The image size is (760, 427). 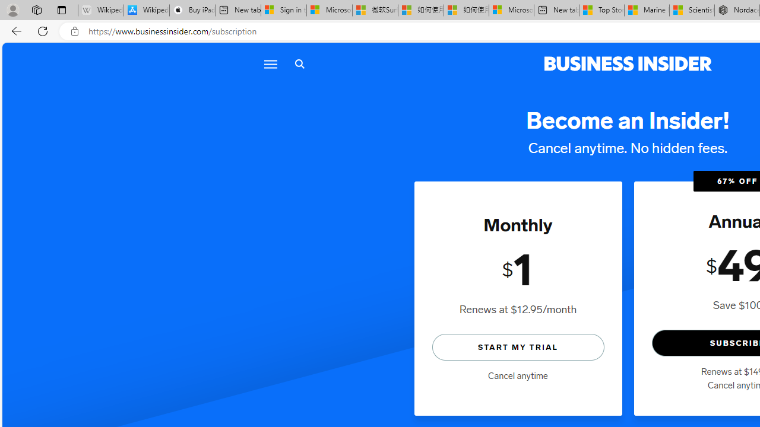 What do you see at coordinates (269, 64) in the screenshot?
I see `'Menu'` at bounding box center [269, 64].